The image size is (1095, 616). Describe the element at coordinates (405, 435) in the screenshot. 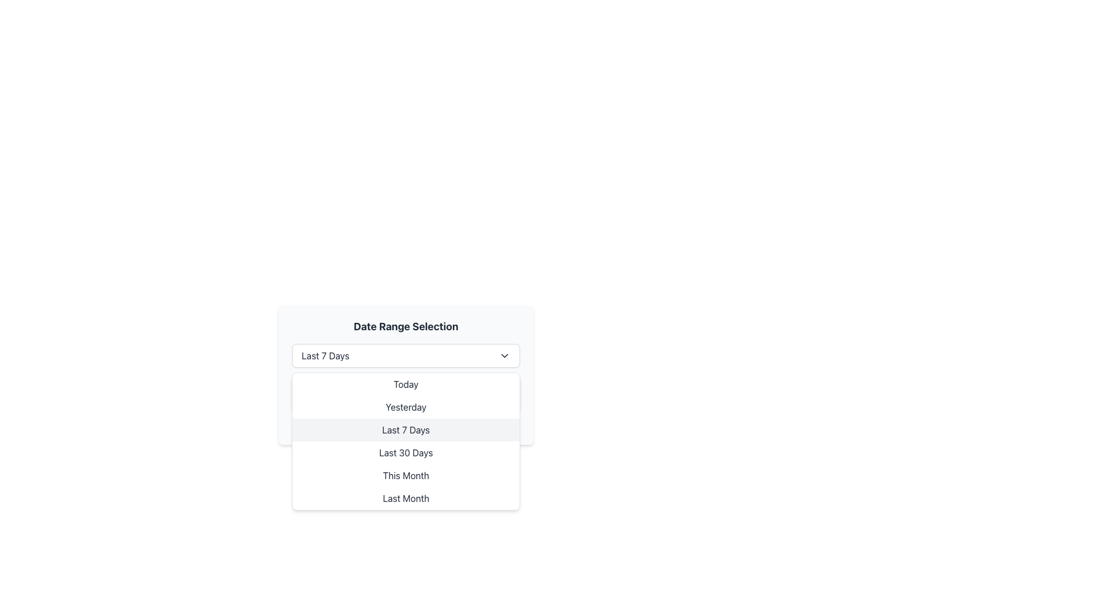

I see `the dropdown menu item for selecting a predefined date range, which is the fourth item in the list` at that location.